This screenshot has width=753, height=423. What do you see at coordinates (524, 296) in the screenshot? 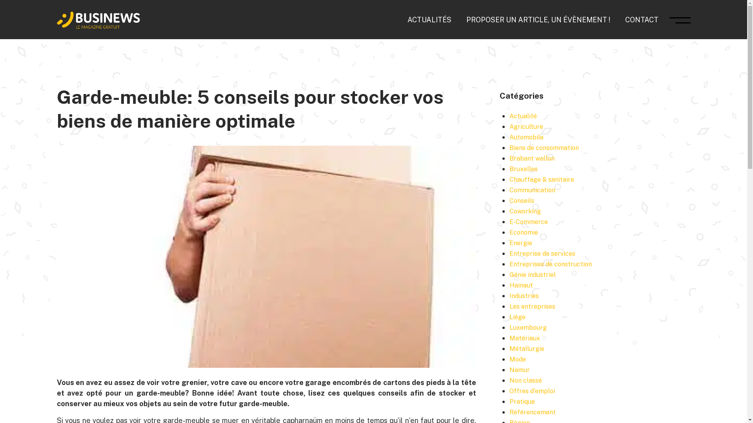
I see `'Industries'` at bounding box center [524, 296].